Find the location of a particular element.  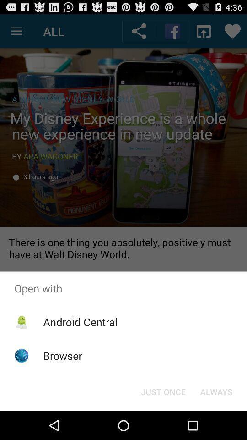

the app below the android central icon is located at coordinates (62, 355).